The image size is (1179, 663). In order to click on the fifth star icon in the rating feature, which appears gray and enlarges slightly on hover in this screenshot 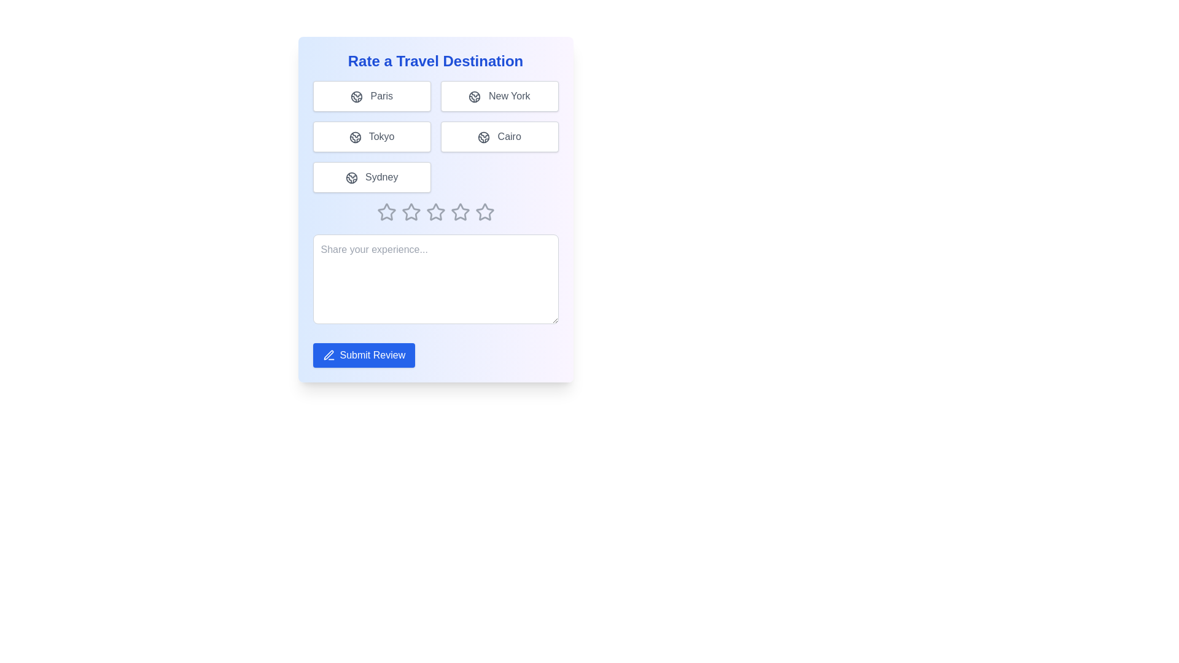, I will do `click(484, 212)`.